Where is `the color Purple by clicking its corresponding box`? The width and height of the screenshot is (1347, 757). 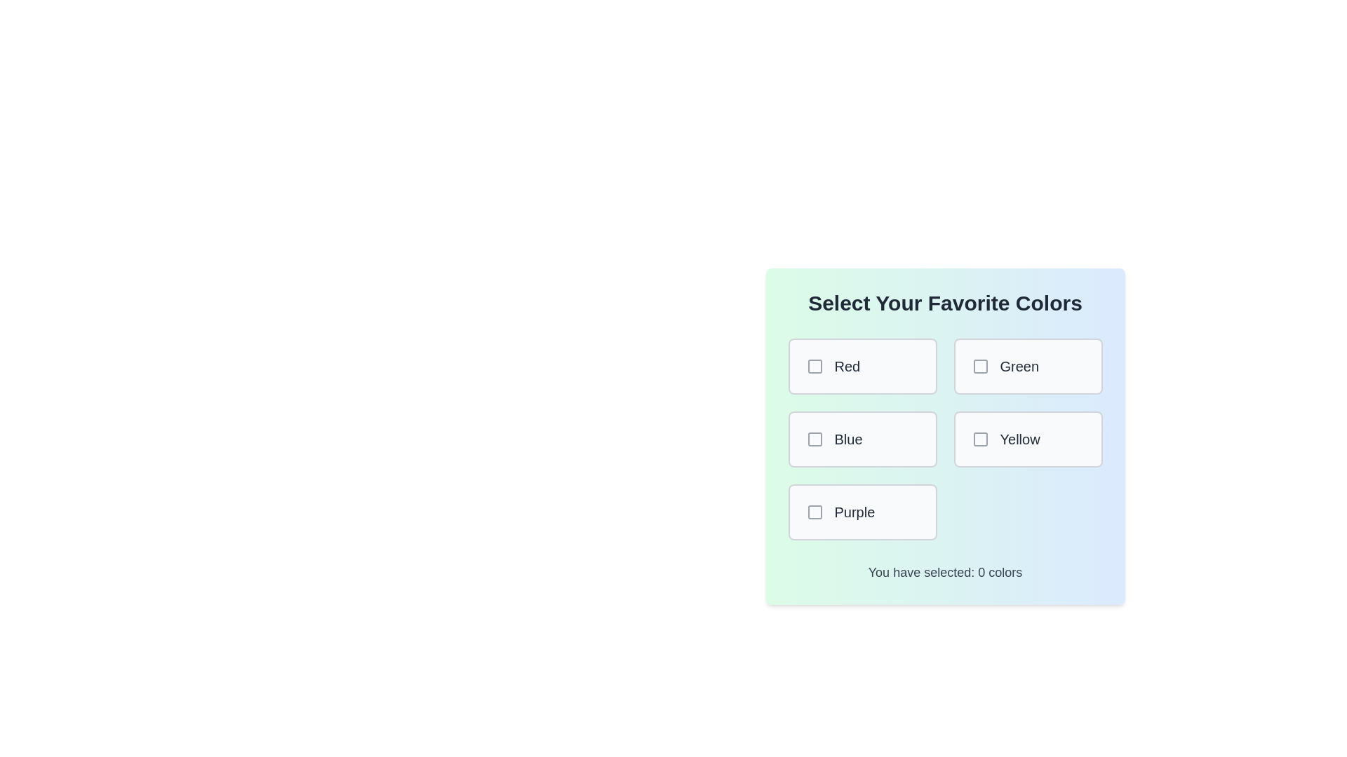
the color Purple by clicking its corresponding box is located at coordinates (862, 512).